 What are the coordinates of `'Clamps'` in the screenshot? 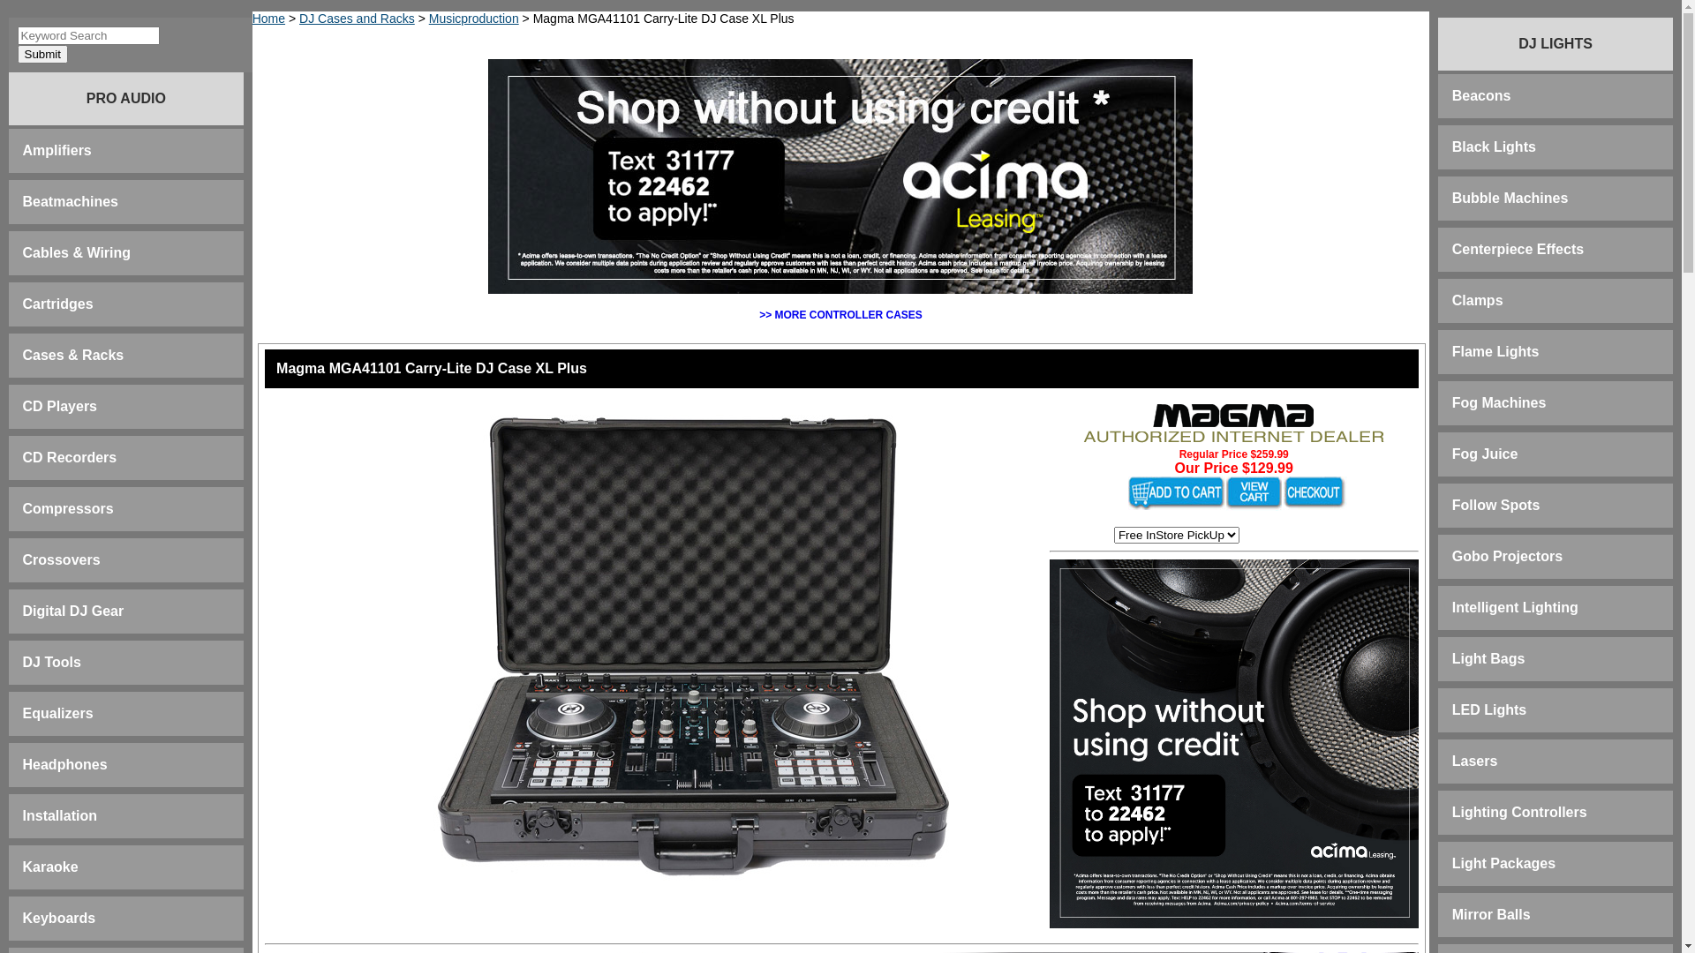 It's located at (1478, 299).